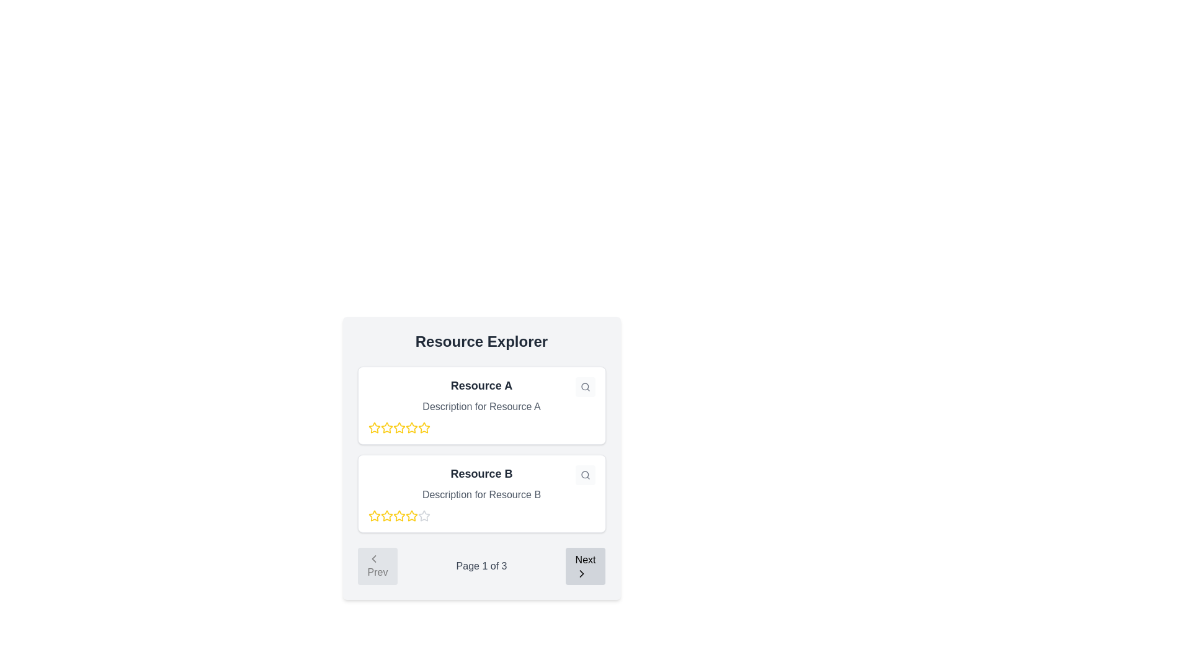  What do you see at coordinates (411, 516) in the screenshot?
I see `the fifth yellow star icon in the rating system under 'Resource B' in the second card of the 'Resource Explorer' section` at bounding box center [411, 516].